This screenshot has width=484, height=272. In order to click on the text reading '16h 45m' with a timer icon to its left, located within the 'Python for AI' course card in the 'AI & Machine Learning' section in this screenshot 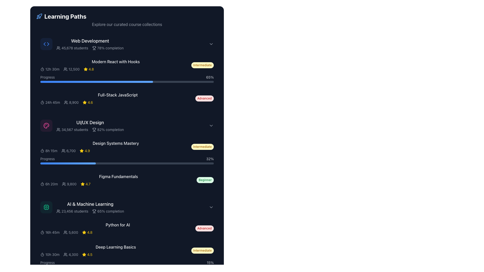, I will do `click(50, 232)`.